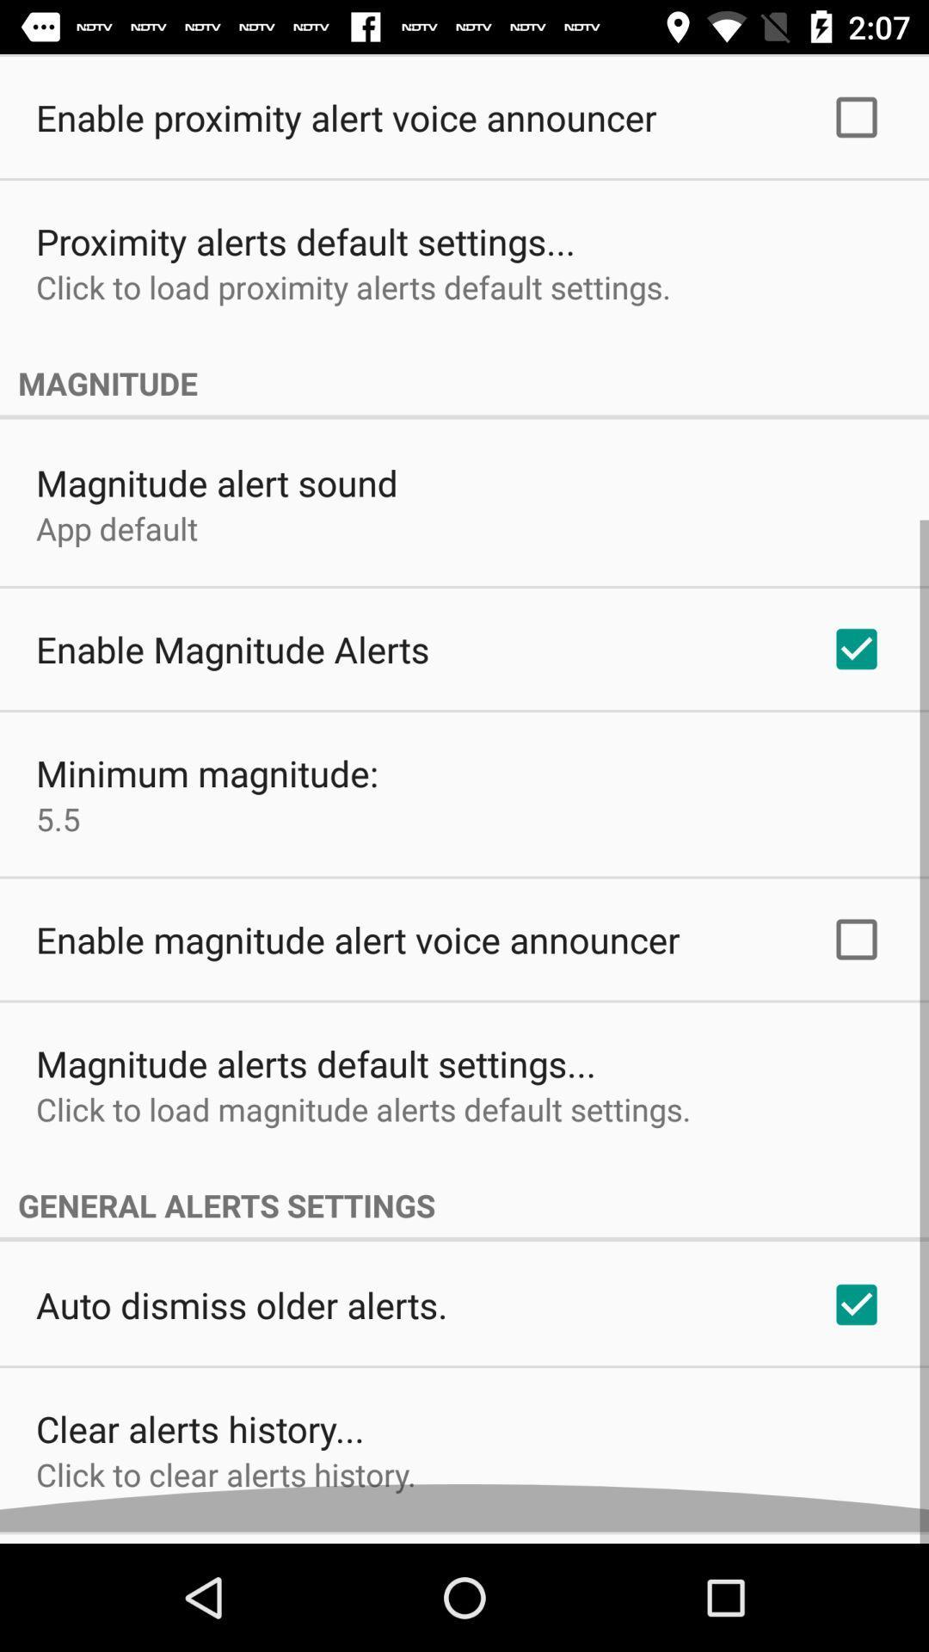 The image size is (929, 1652). What do you see at coordinates (242, 1316) in the screenshot?
I see `the auto dismiss older item` at bounding box center [242, 1316].